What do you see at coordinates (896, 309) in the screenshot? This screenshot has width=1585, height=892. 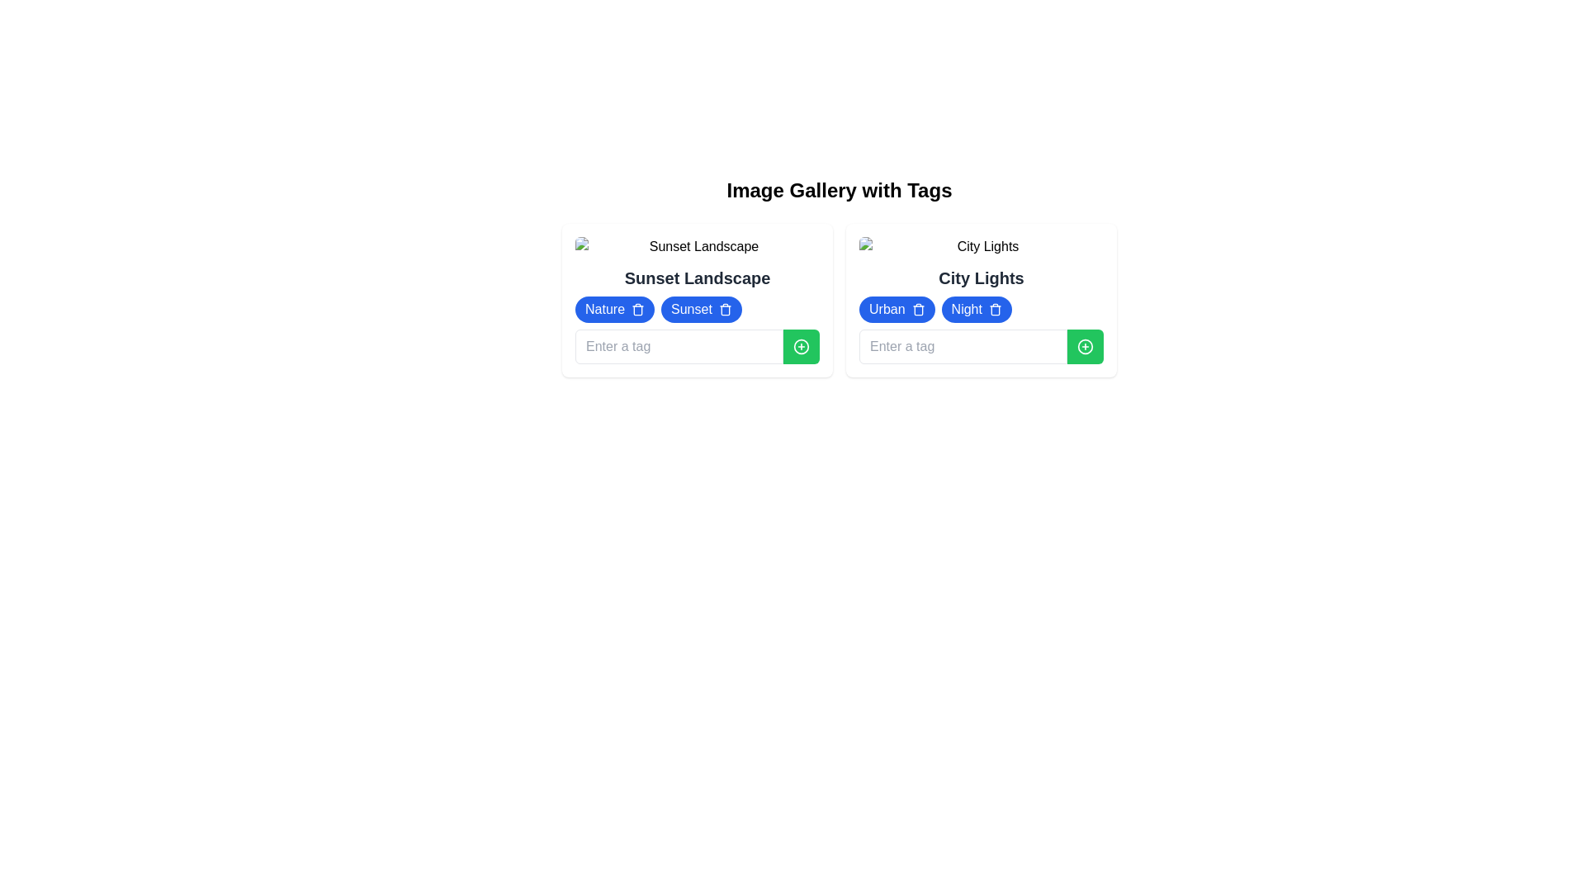 I see `the trash can icon` at bounding box center [896, 309].